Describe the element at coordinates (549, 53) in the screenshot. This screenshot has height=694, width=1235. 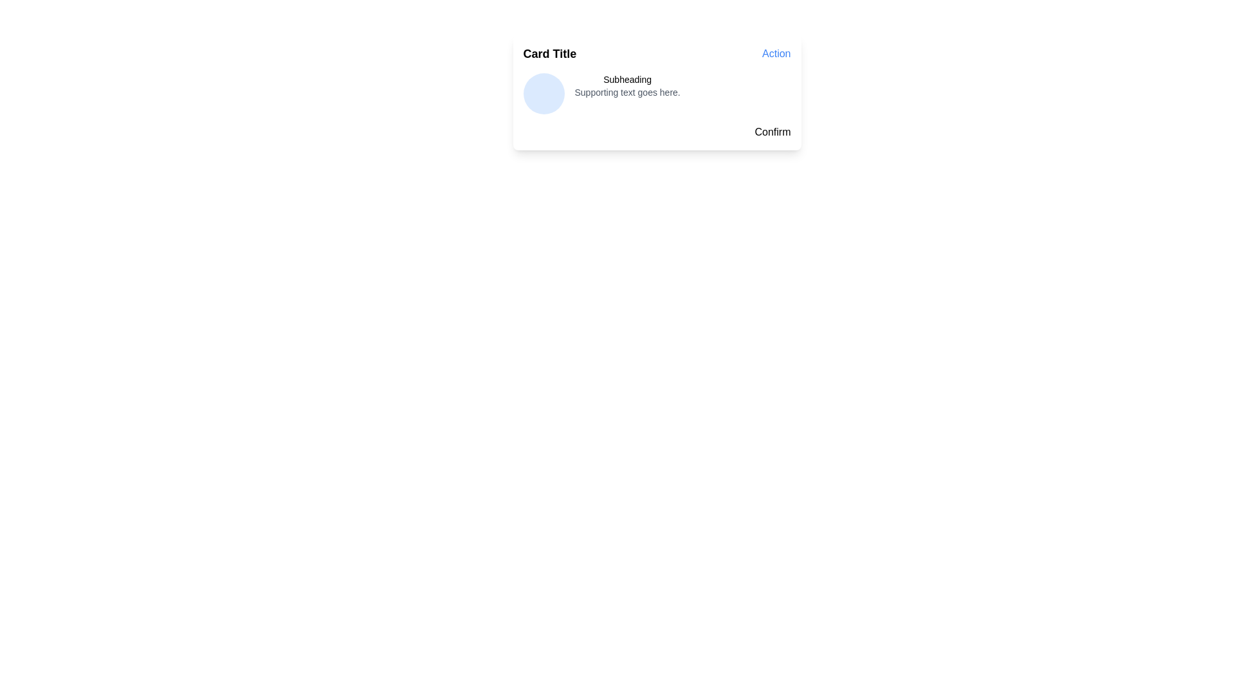
I see `the header text labeled 'Card Title', which is styled in a bold, large font and located in the top-left corner of a card component` at that location.